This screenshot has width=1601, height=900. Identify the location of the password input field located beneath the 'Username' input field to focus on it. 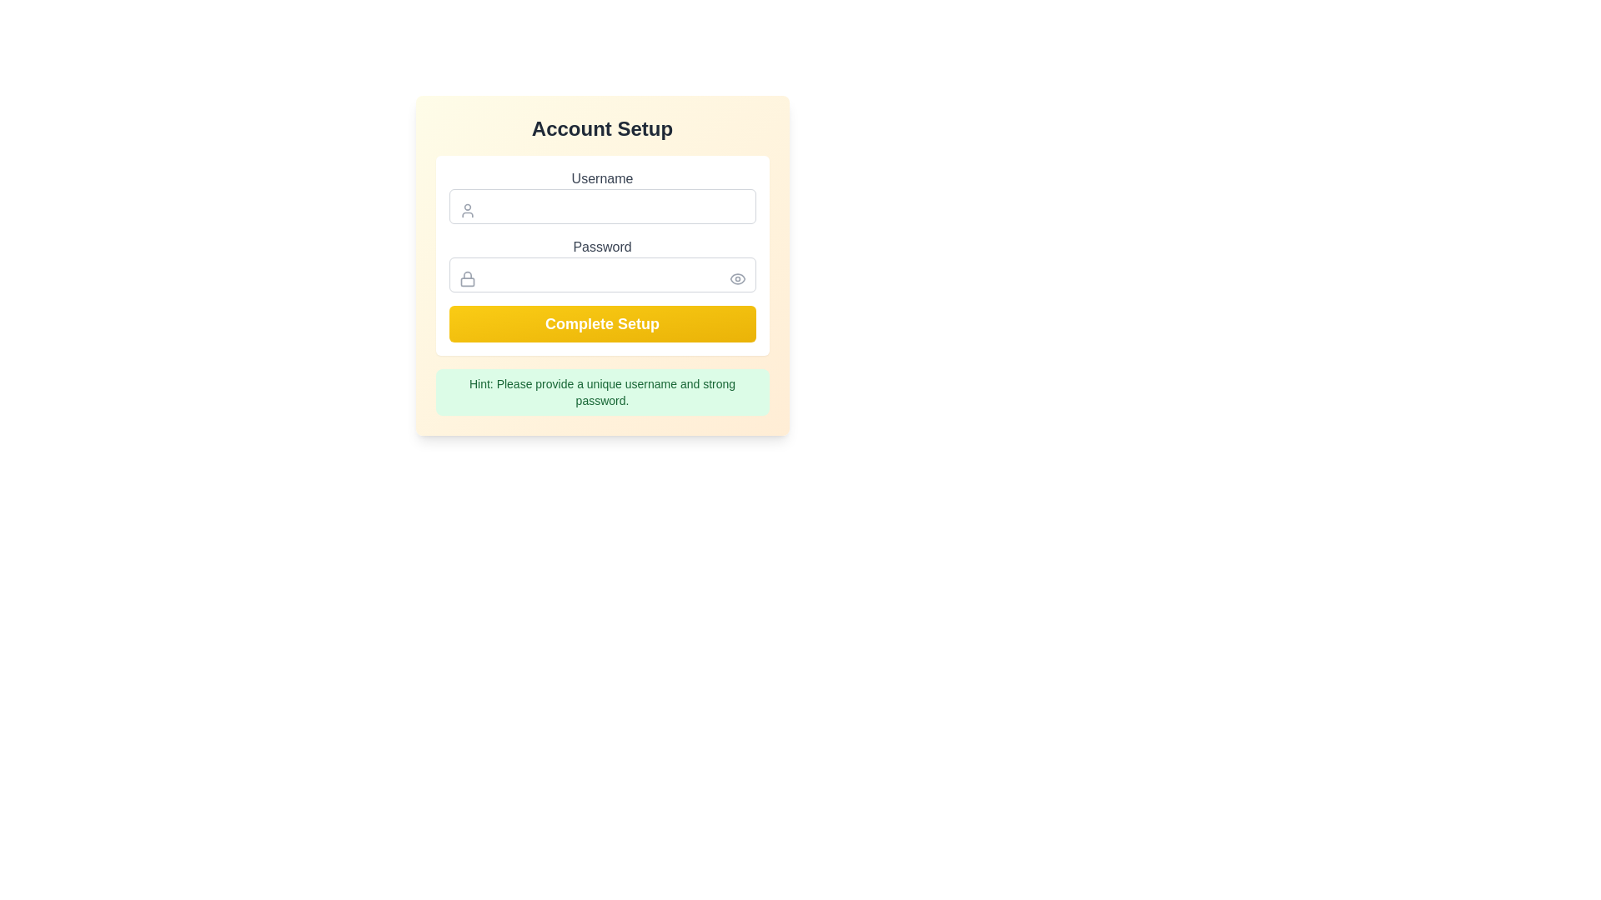
(601, 263).